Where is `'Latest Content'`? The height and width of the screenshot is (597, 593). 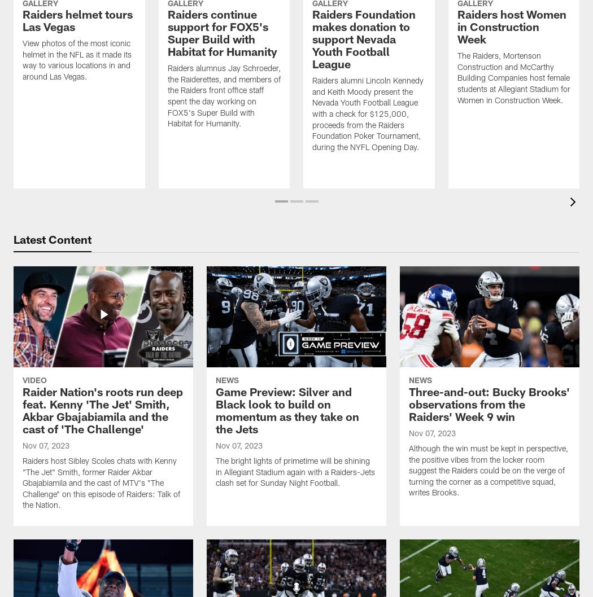 'Latest Content' is located at coordinates (14, 241).